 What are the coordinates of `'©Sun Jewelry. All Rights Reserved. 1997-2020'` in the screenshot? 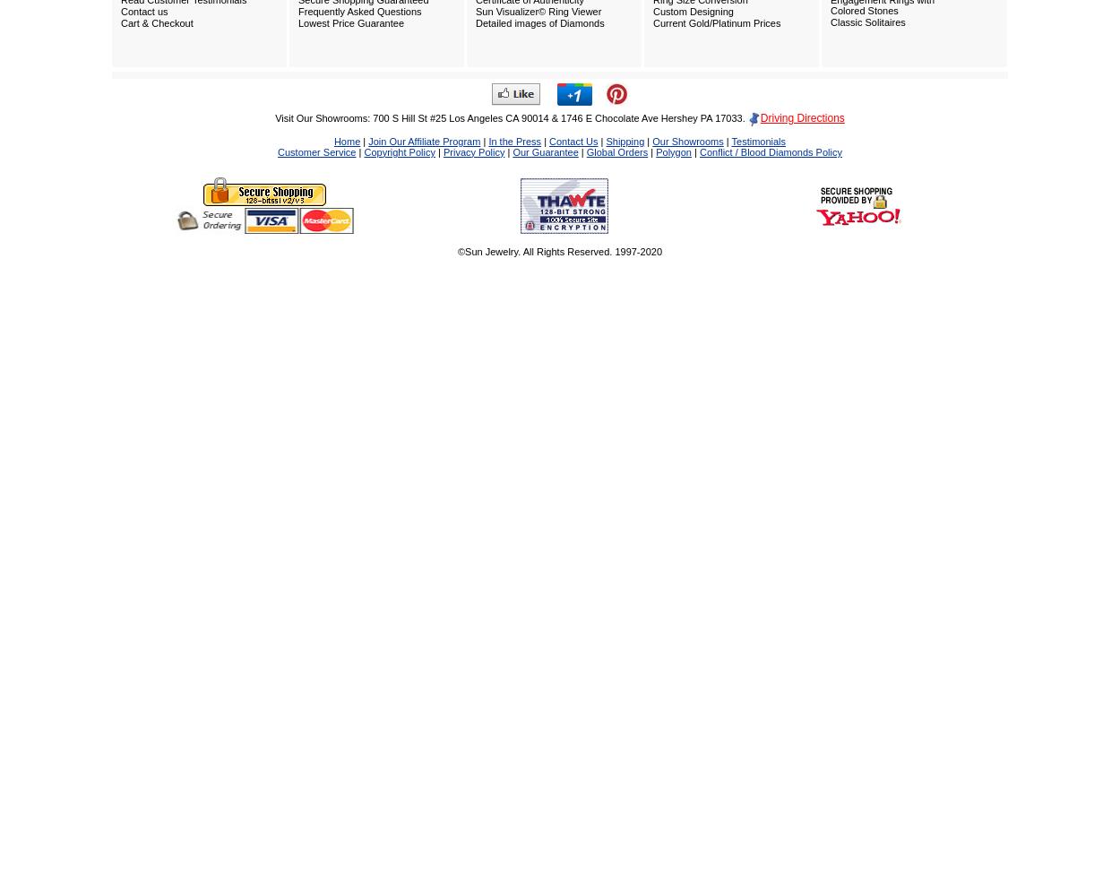 It's located at (558, 251).